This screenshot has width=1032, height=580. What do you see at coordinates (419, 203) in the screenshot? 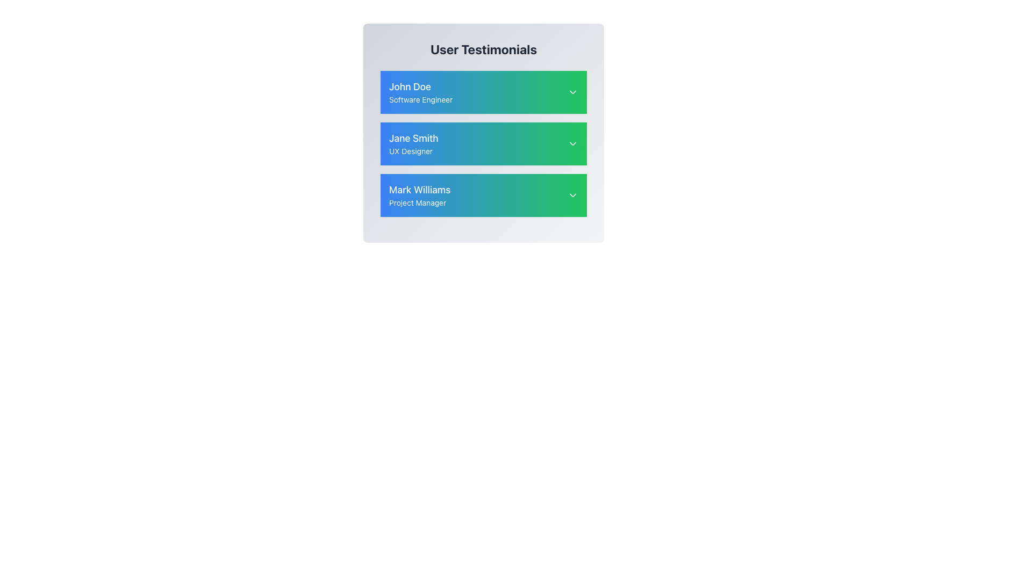
I see `the text label displaying 'Project Manager' which is positioned below 'Mark Williams' in a gradient green and blue background` at bounding box center [419, 203].